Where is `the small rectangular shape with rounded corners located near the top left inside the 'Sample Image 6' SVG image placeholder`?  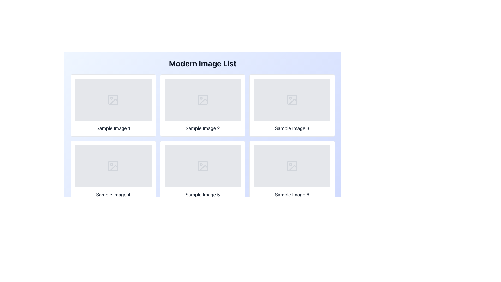
the small rectangular shape with rounded corners located near the top left inside the 'Sample Image 6' SVG image placeholder is located at coordinates (292, 166).